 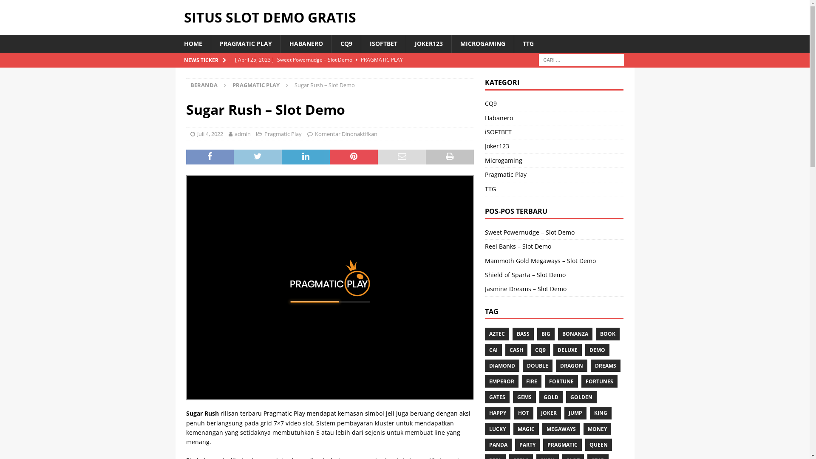 What do you see at coordinates (526, 429) in the screenshot?
I see `'MAGIC'` at bounding box center [526, 429].